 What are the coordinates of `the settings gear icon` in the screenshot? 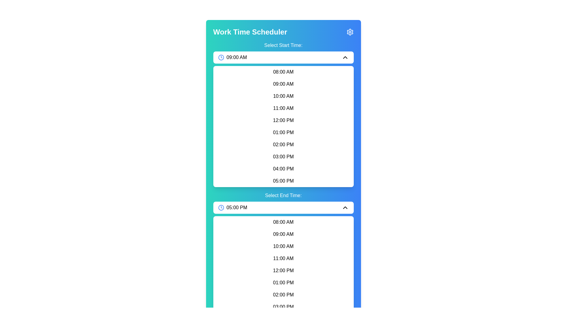 It's located at (350, 32).